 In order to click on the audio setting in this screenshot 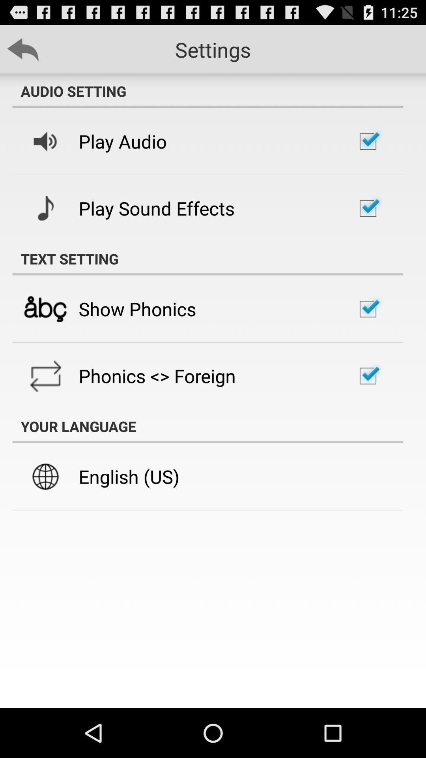, I will do `click(207, 91)`.